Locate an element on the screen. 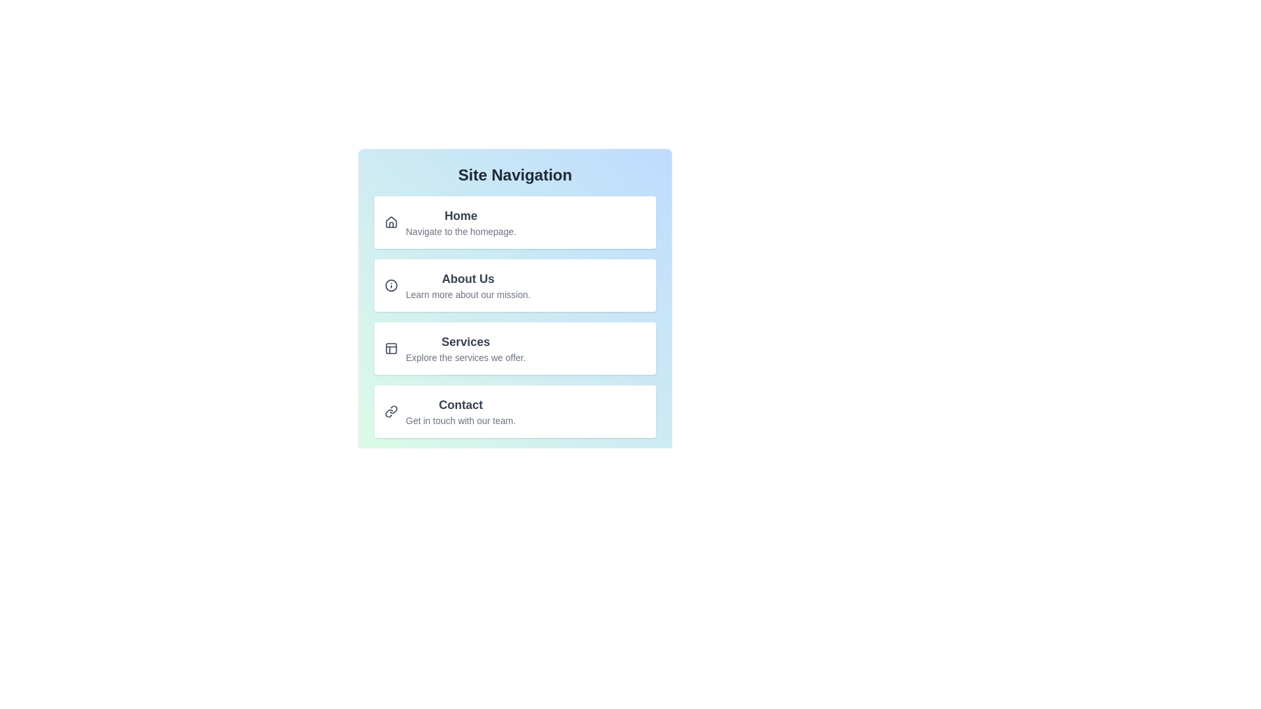 The width and height of the screenshot is (1261, 709). the 'Services' hyperlink element, which features a left-aligned icon resembling a panel design and text that includes a bold headline 'Services' and a smaller subtext 'Explore the services we offer.' This element is the third navigational card in a vertical list, positioned between 'About Us' and 'Contact.' is located at coordinates (514, 348).